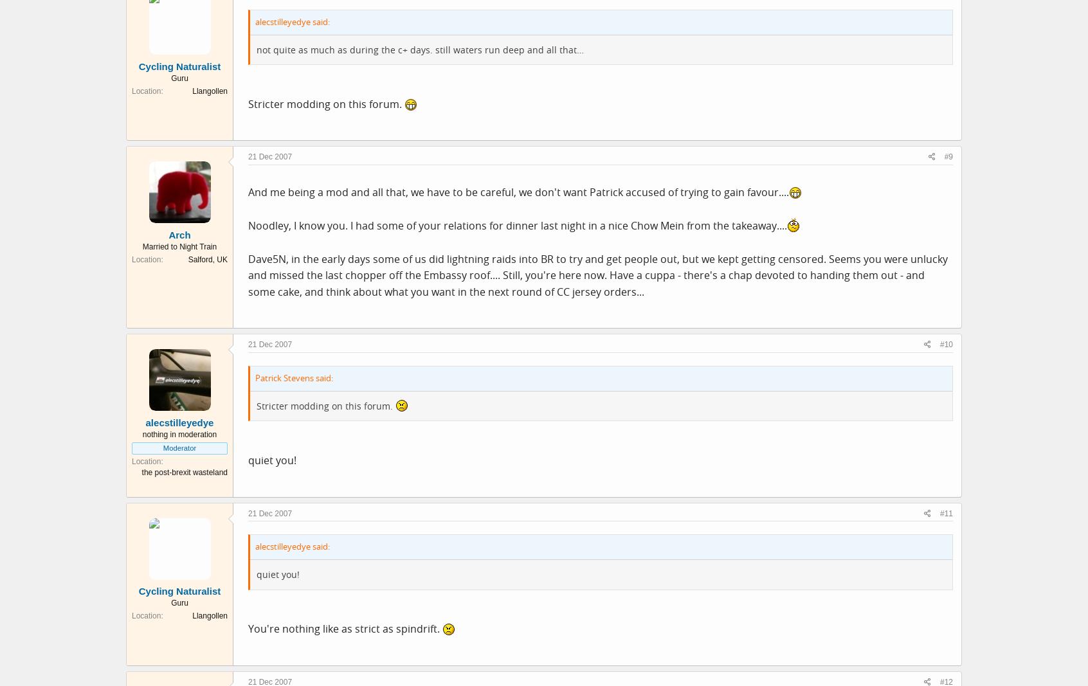 The image size is (1088, 686). I want to click on 'the post-brexit wasteland', so click(183, 471).